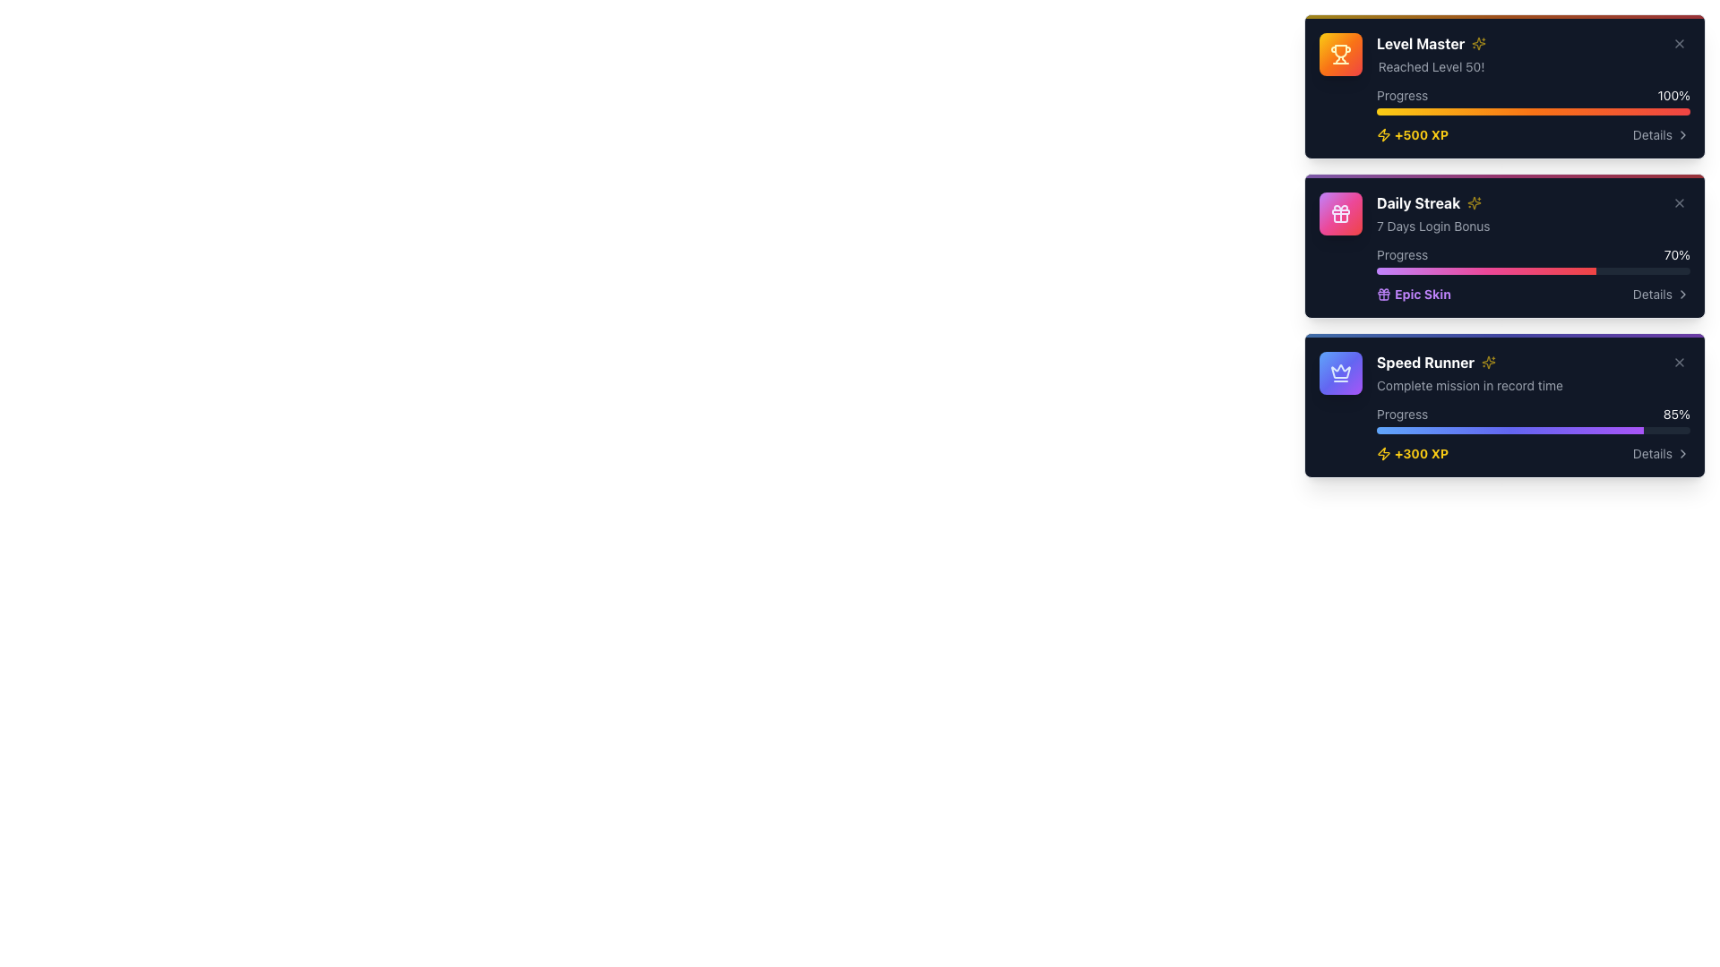 Image resolution: width=1720 pixels, height=967 pixels. Describe the element at coordinates (1505, 245) in the screenshot. I see `progress bar visually on the Information Card that details achievements or tasks in progress, specifically the second card in a vertically stacked list of three cards` at that location.